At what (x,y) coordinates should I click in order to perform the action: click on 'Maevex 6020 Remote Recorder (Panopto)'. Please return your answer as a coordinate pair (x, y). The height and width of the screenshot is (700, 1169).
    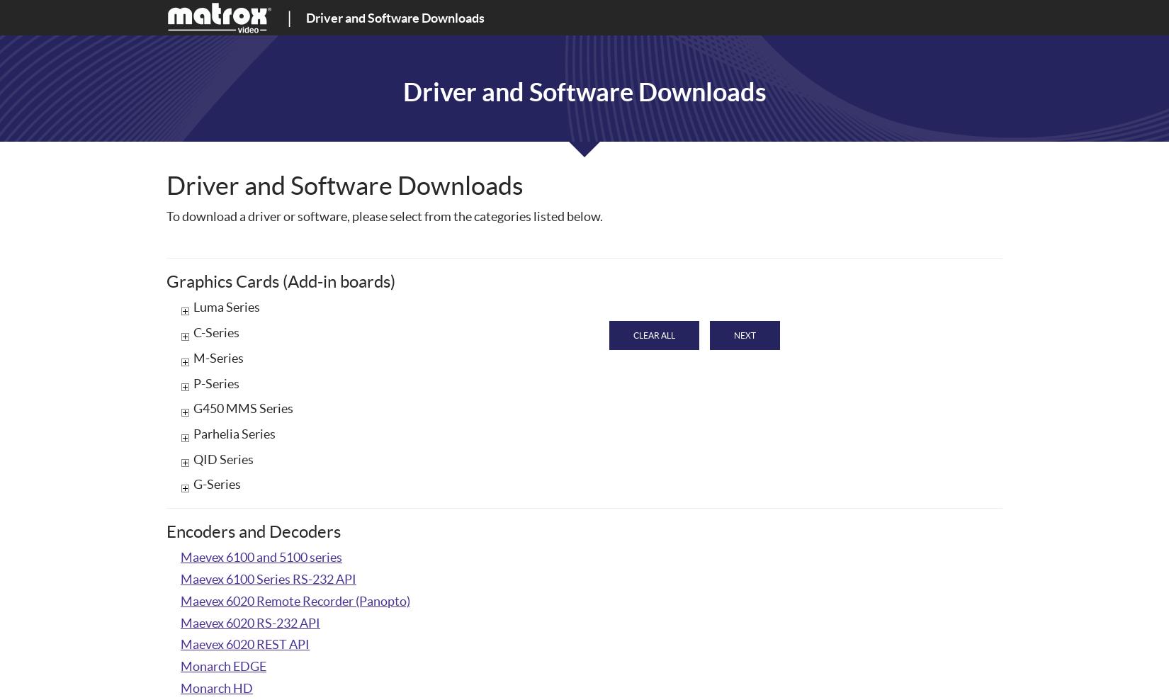
    Looking at the image, I should click on (294, 600).